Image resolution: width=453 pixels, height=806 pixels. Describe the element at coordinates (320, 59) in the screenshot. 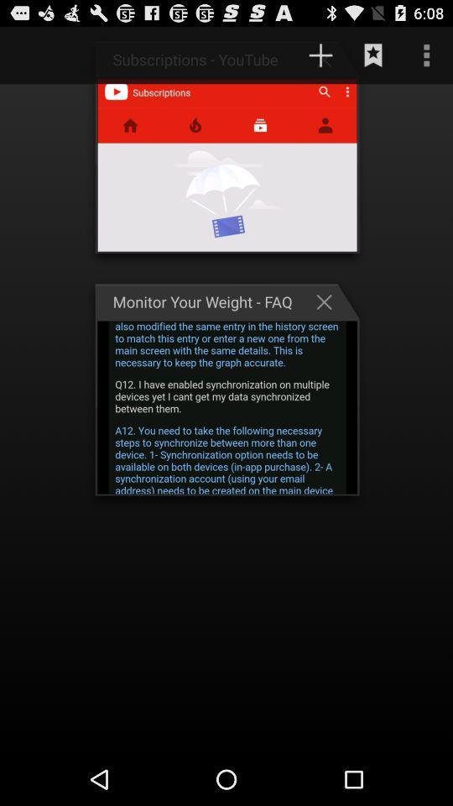

I see `the add icon` at that location.